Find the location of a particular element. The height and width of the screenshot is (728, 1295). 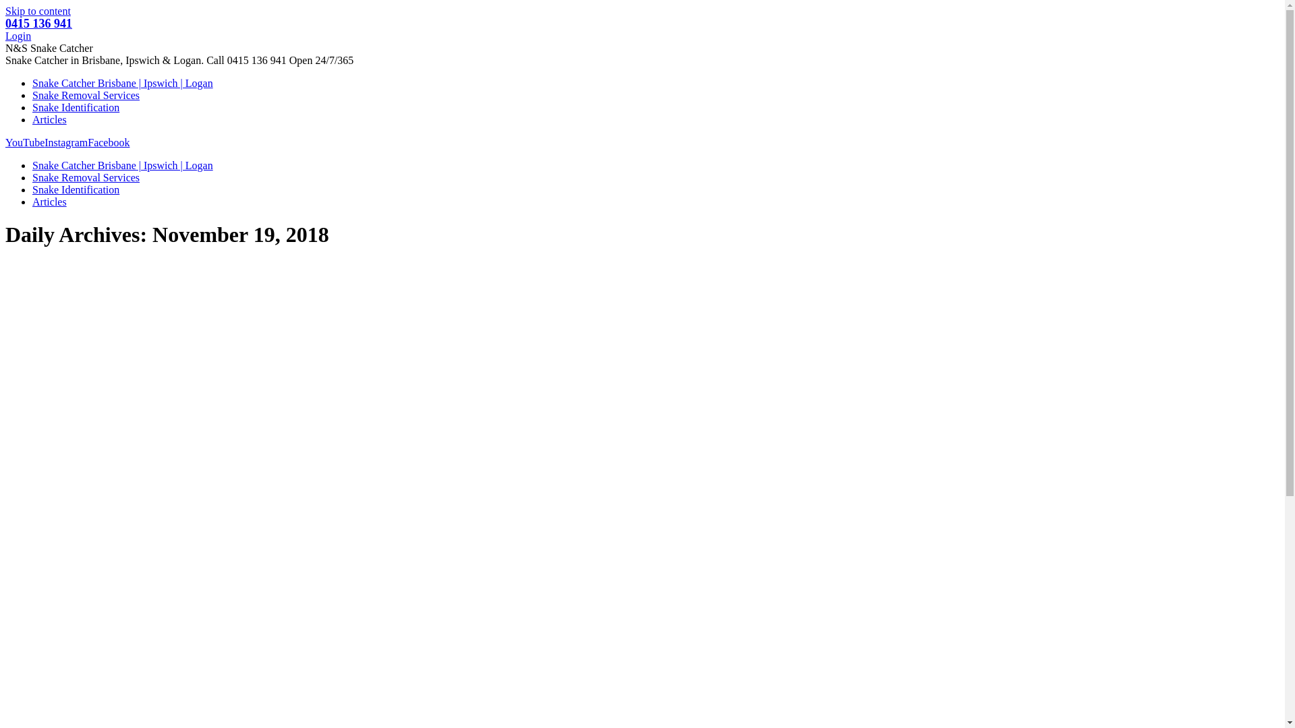

'YouTube' is located at coordinates (25, 142).